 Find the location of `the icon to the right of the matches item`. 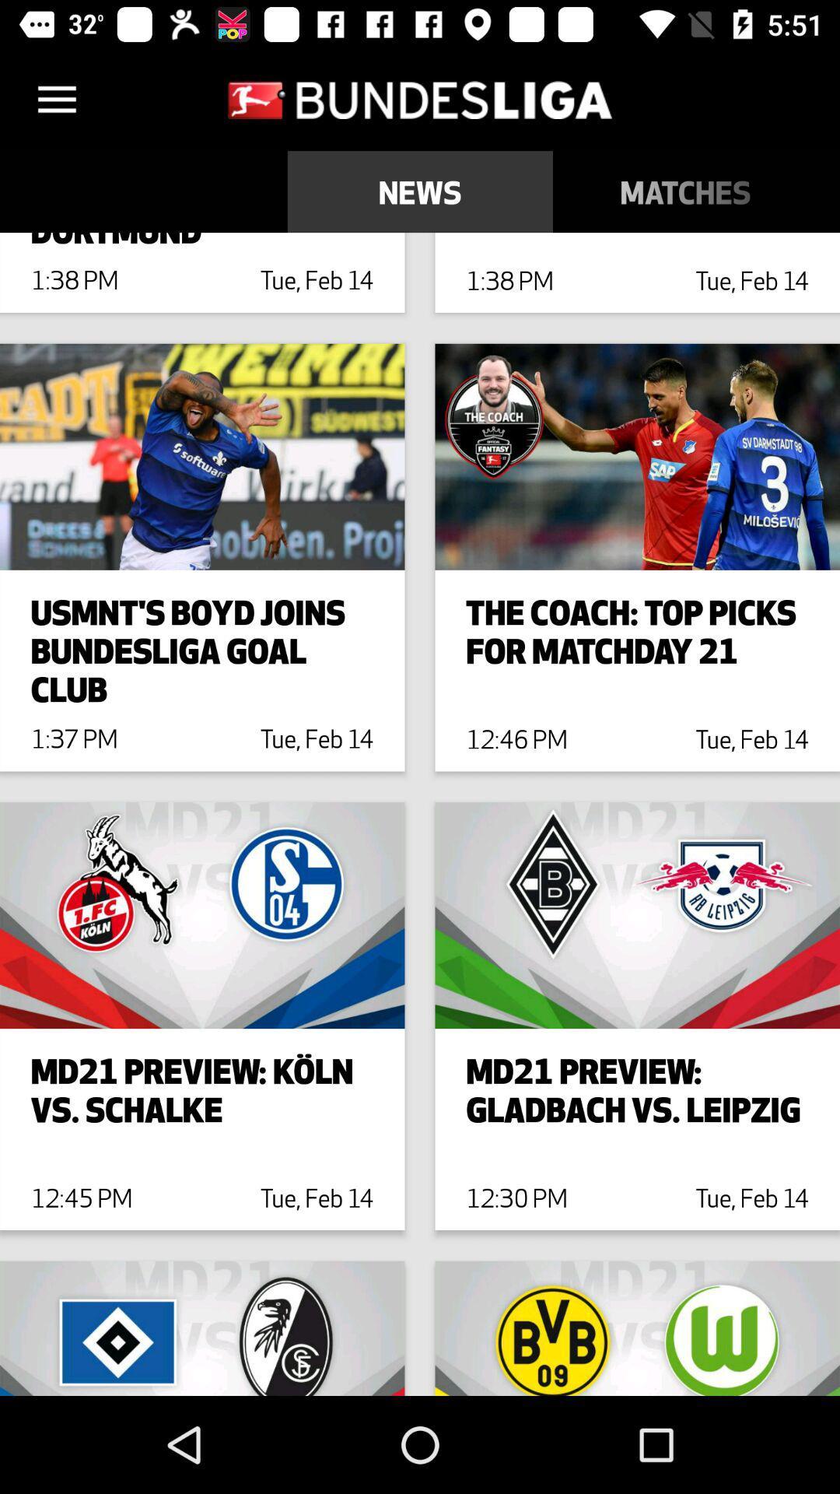

the icon to the right of the matches item is located at coordinates (828, 191).